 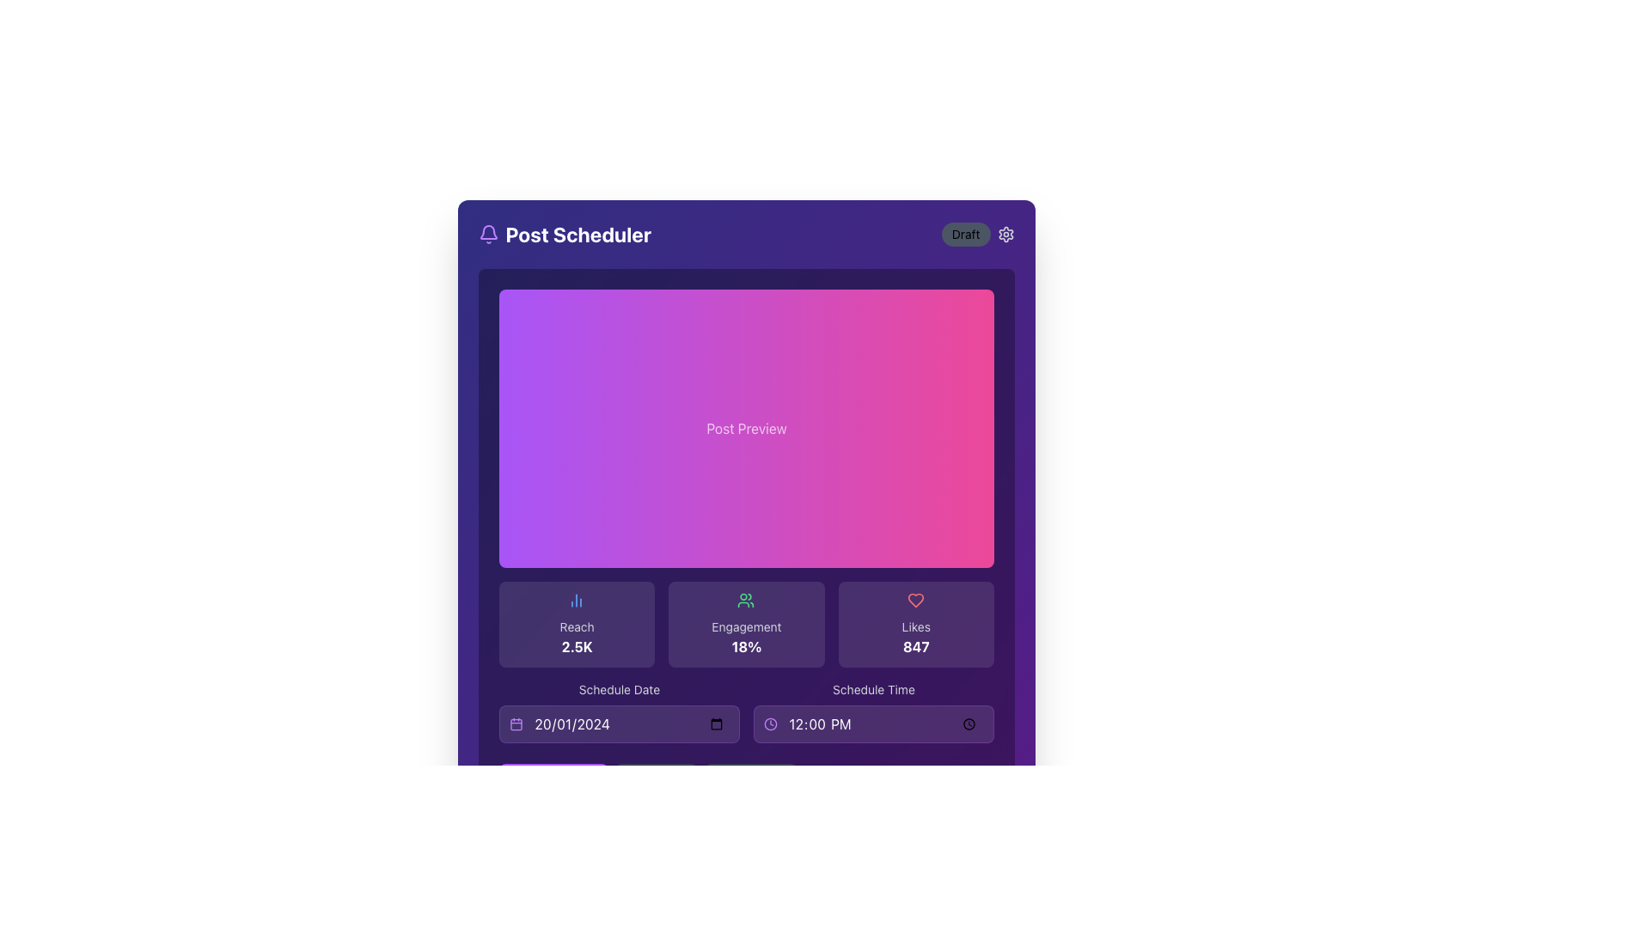 I want to click on the heart-shaped icon that symbolizes user likes, located above the 'Likes' label and value in the fourth segment of the bottom panel, so click(x=914, y=599).